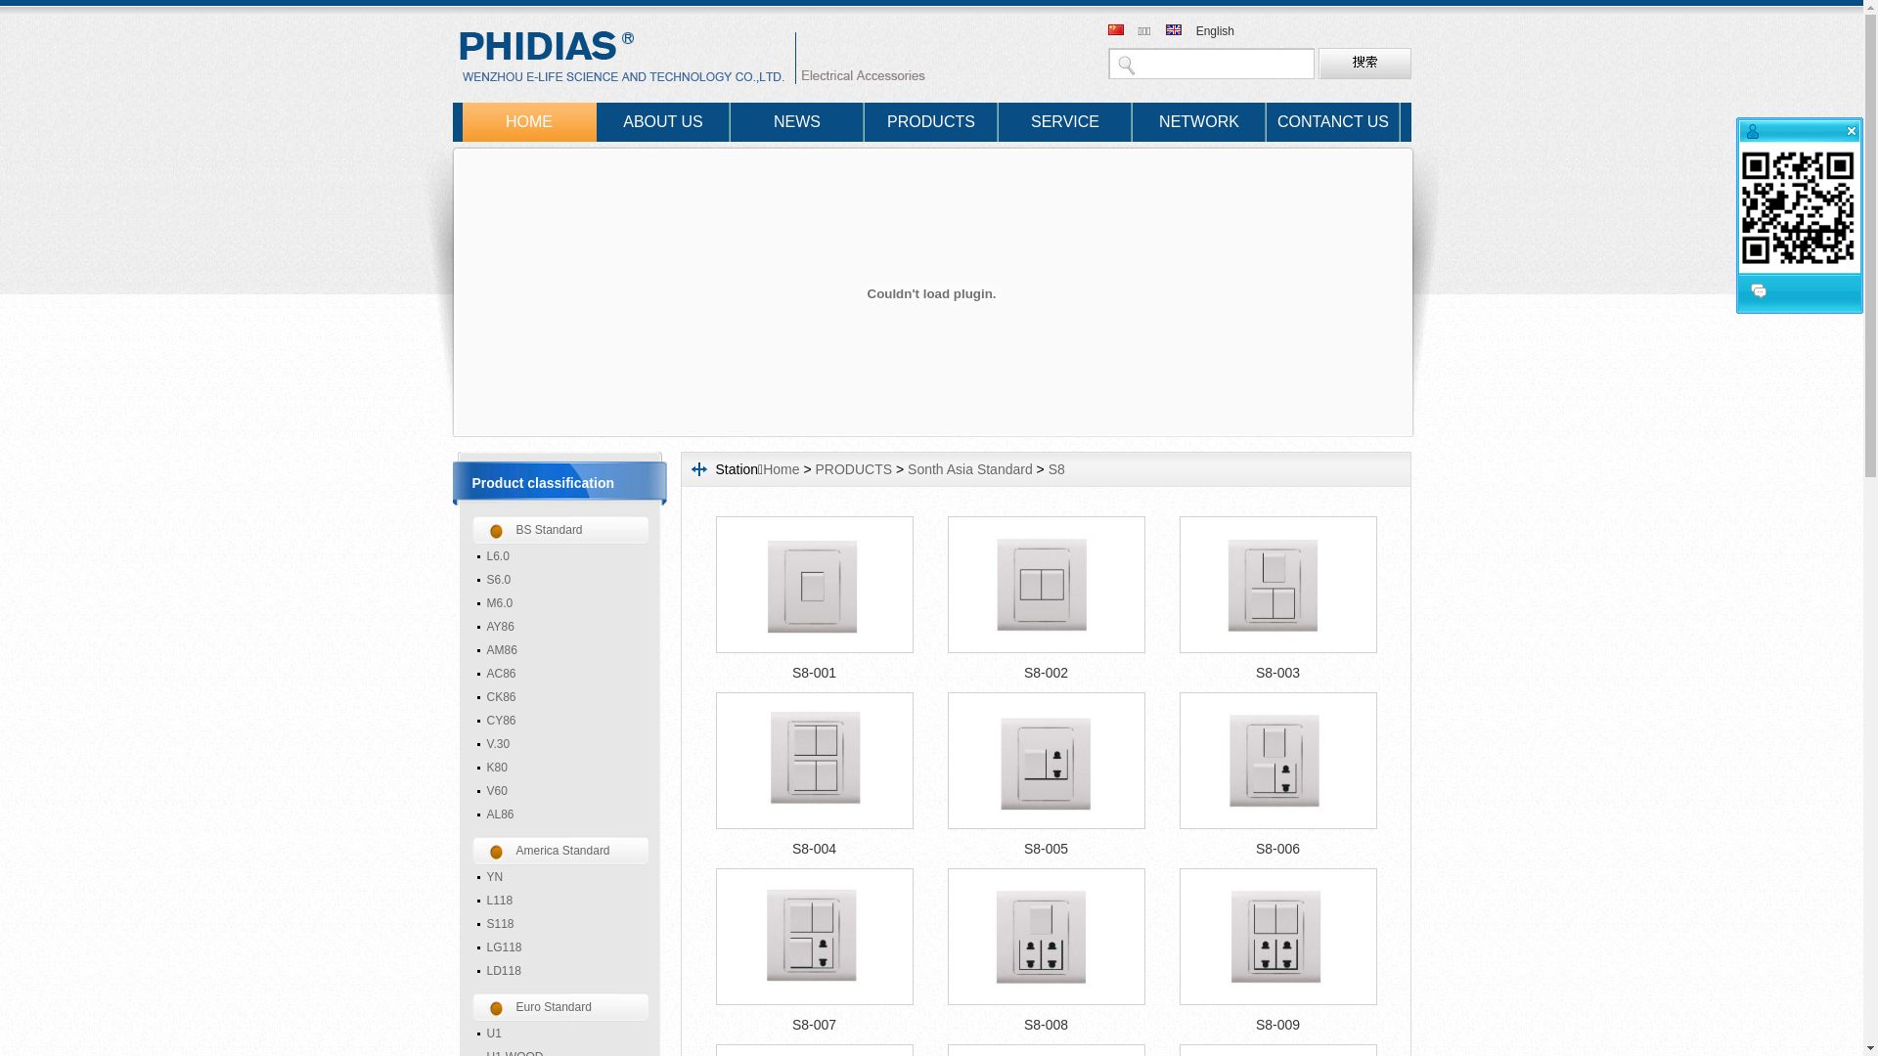 The image size is (1878, 1056). I want to click on 'HOME', so click(528, 121).